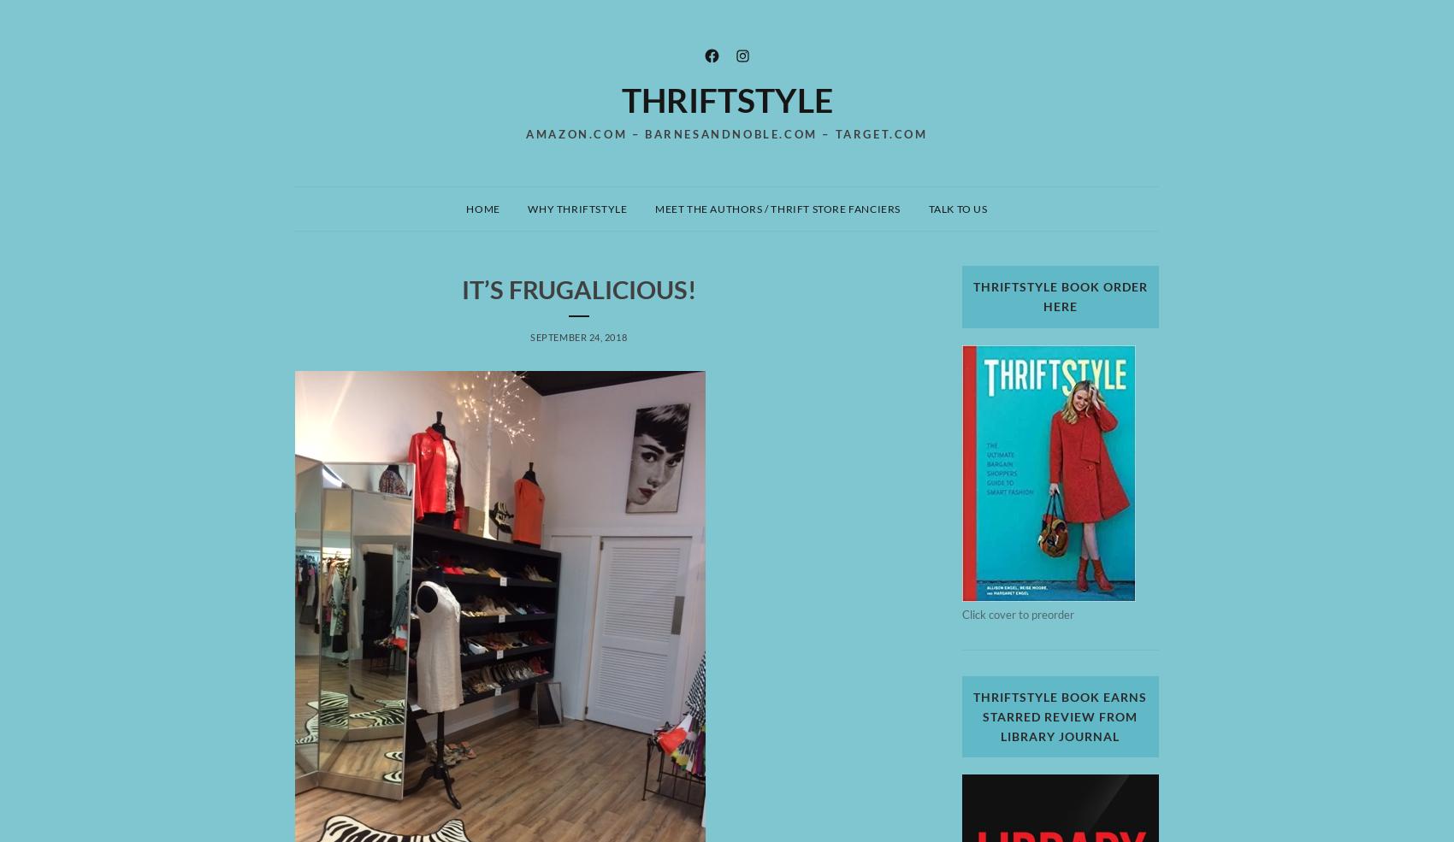 The width and height of the screenshot is (1454, 842). What do you see at coordinates (1058, 297) in the screenshot?
I see `'ThriftStyle Book Order Here'` at bounding box center [1058, 297].